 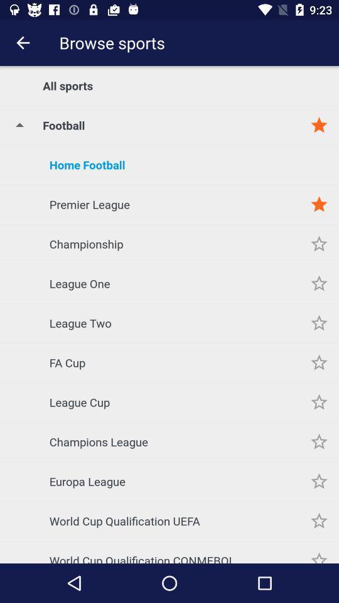 I want to click on favorite, so click(x=319, y=362).